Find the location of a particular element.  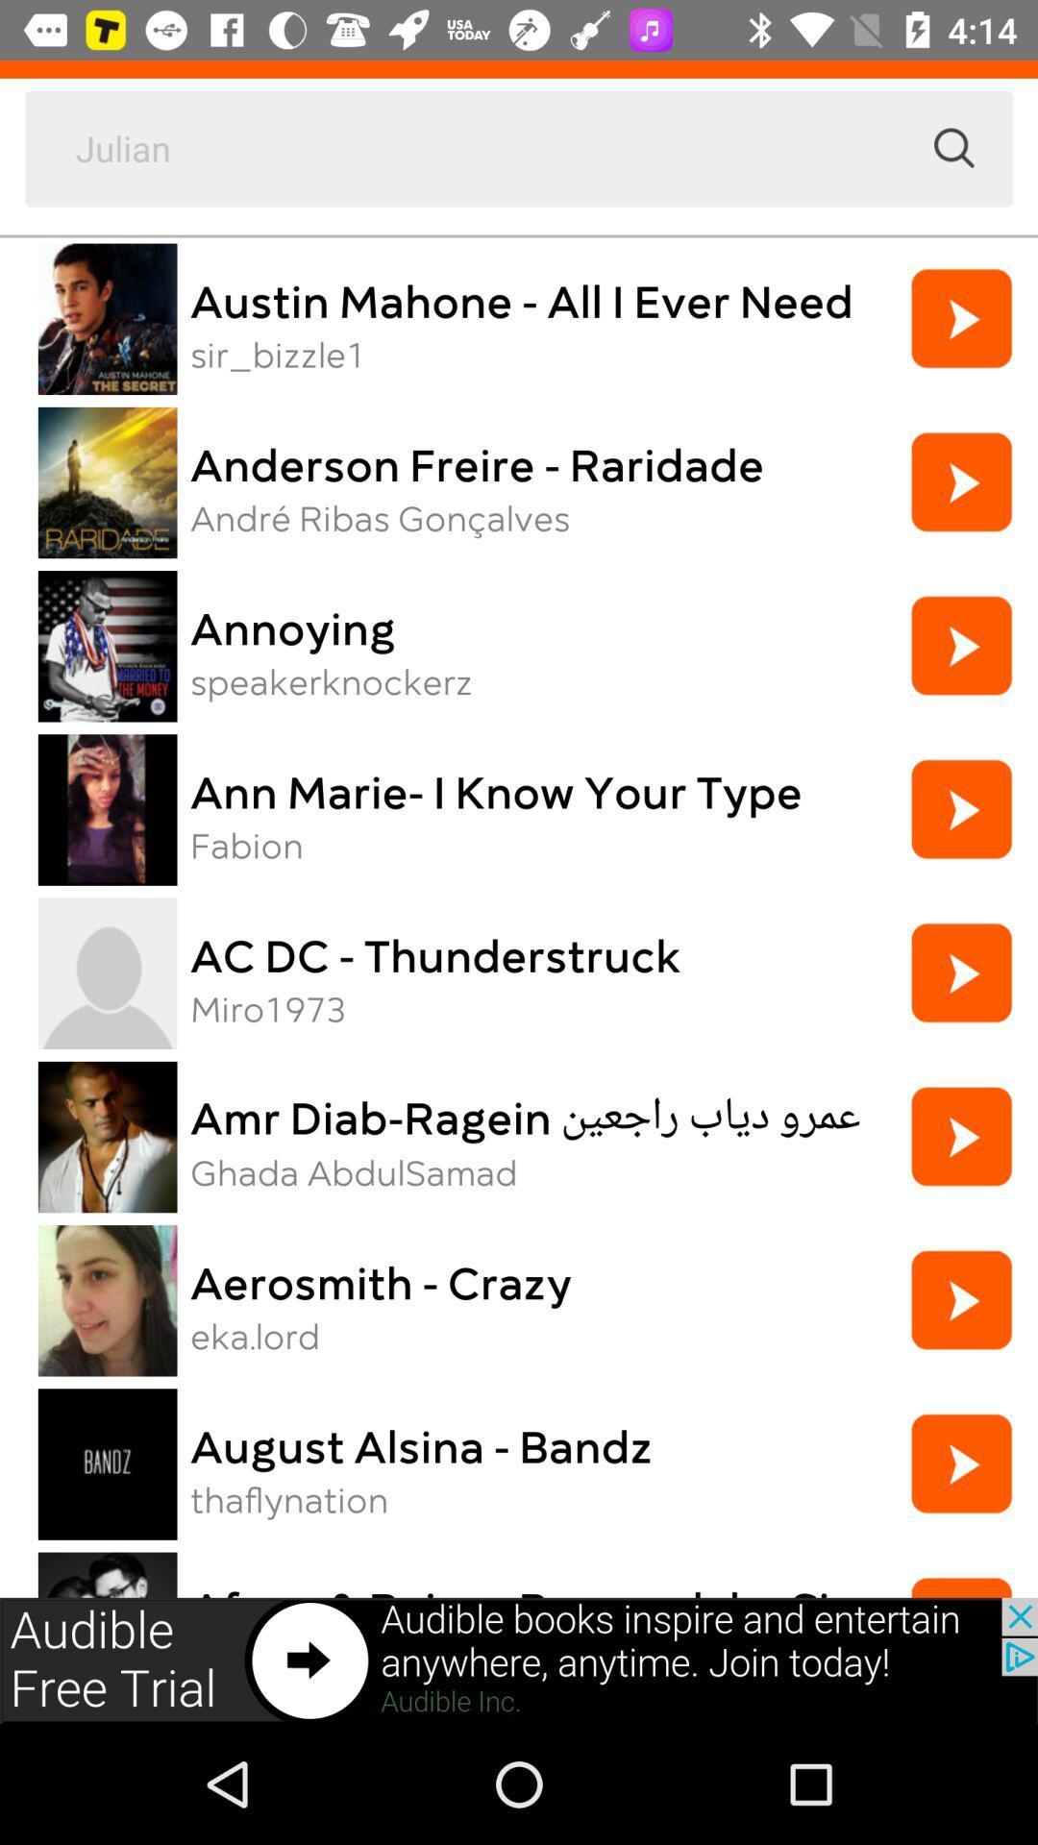

open advertisements is located at coordinates (519, 1660).